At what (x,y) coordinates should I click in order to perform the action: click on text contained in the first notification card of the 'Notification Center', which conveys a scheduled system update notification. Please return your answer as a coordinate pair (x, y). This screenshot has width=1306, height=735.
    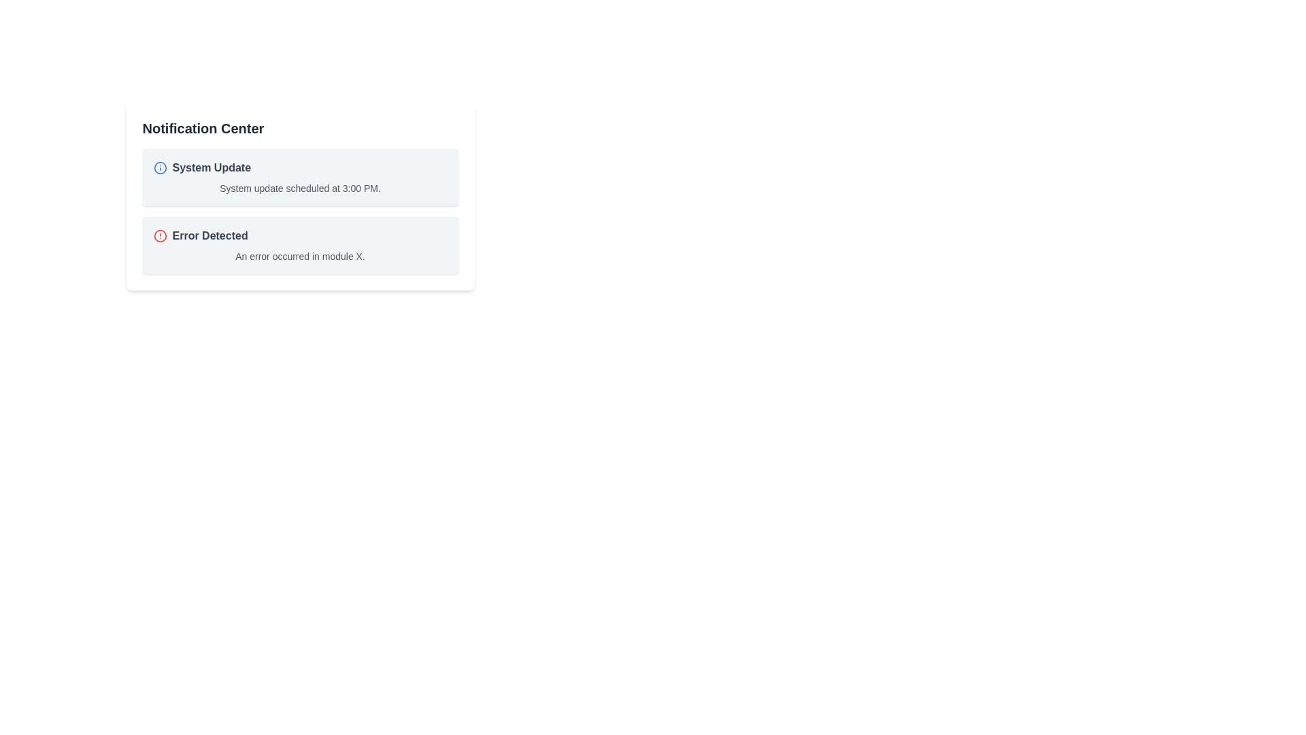
    Looking at the image, I should click on (299, 197).